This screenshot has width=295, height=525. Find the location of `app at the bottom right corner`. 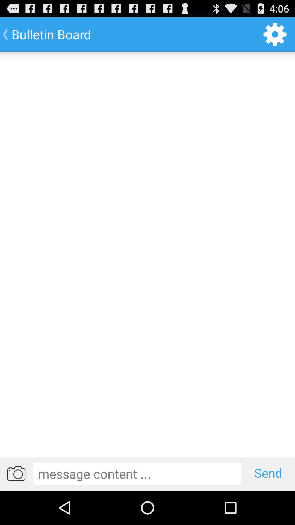

app at the bottom right corner is located at coordinates (268, 473).